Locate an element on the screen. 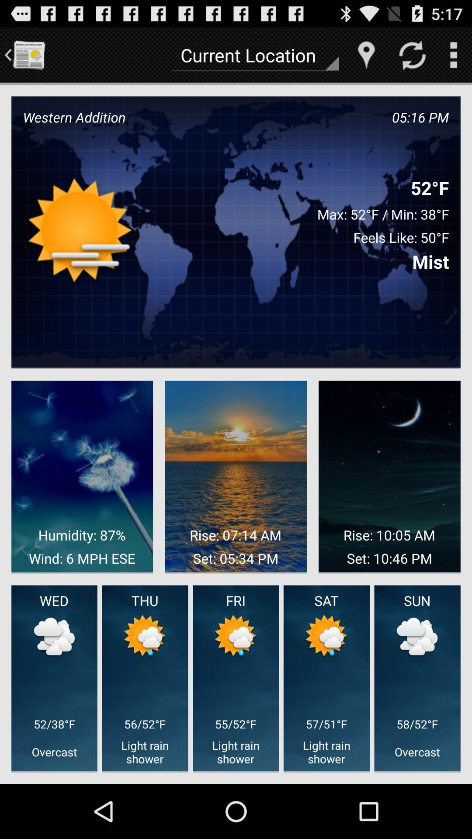  the location icon is located at coordinates (366, 58).